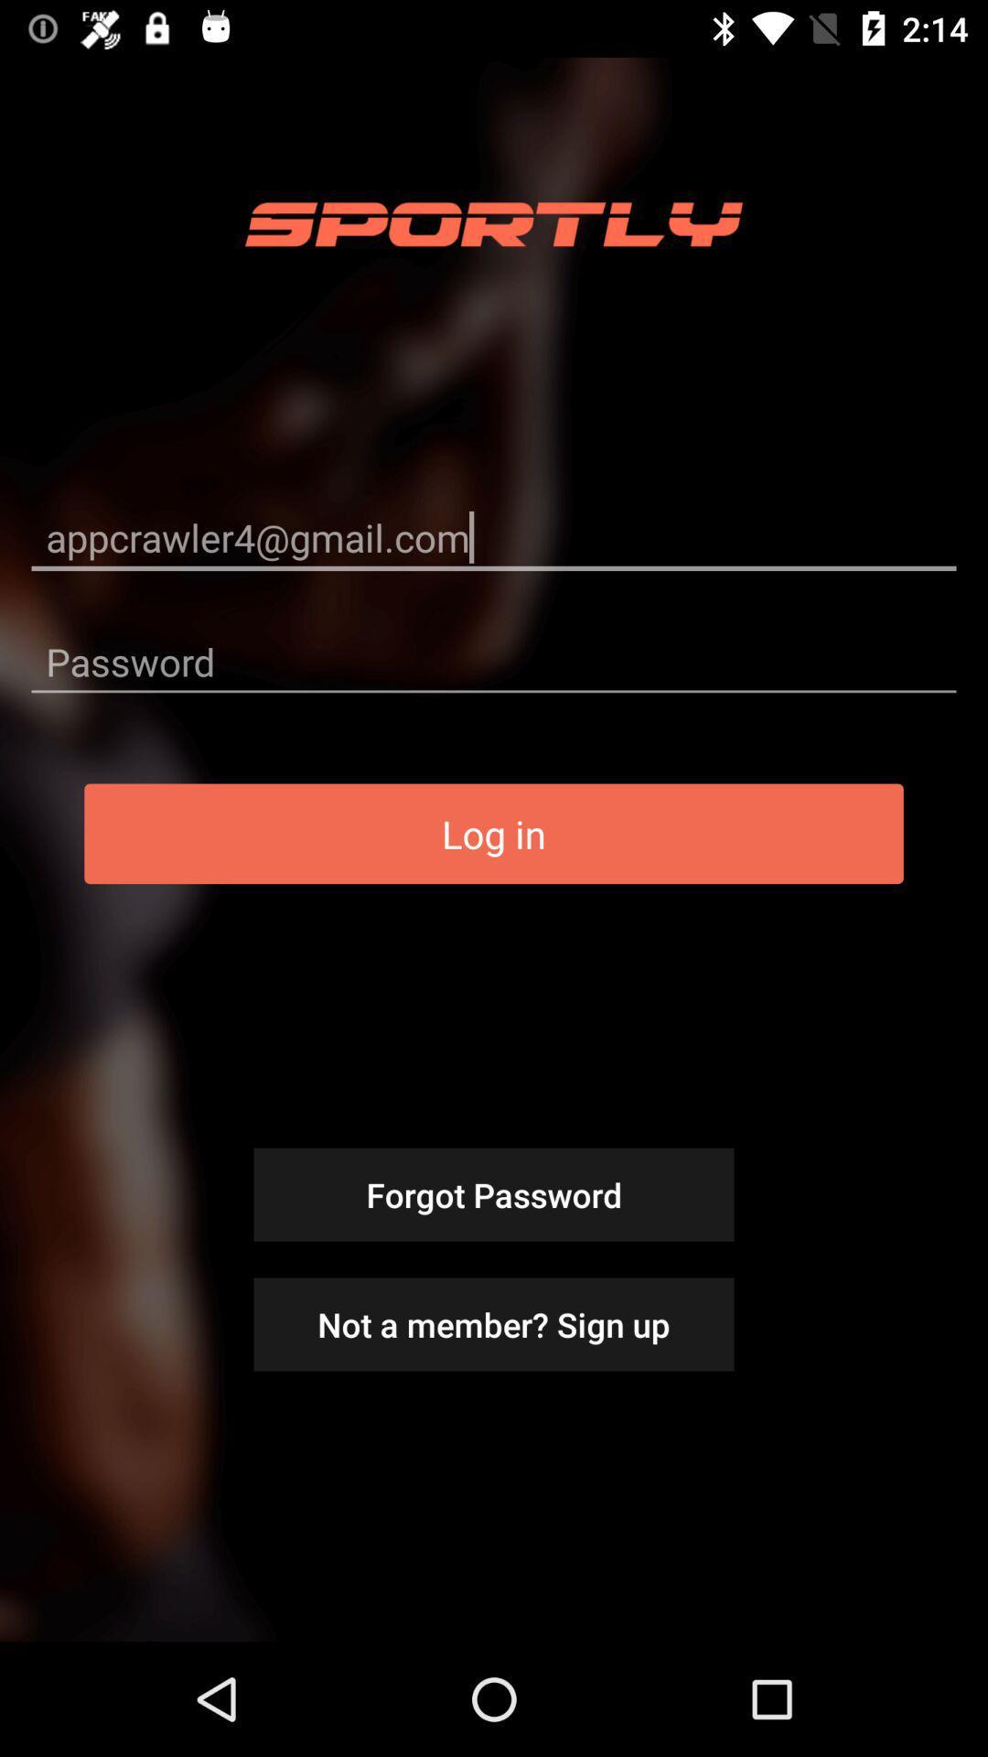 Image resolution: width=988 pixels, height=1757 pixels. What do you see at coordinates (494, 1324) in the screenshot?
I see `the not a member item` at bounding box center [494, 1324].